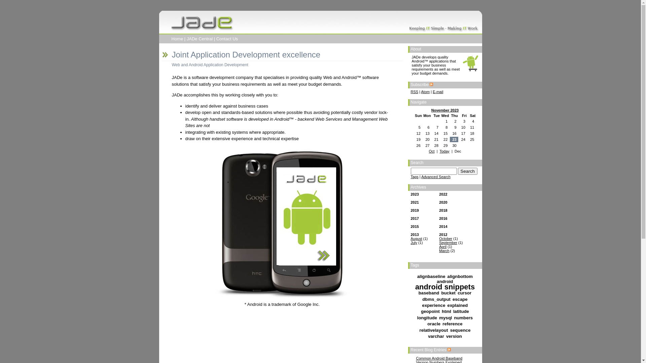 This screenshot has height=363, width=646. What do you see at coordinates (449, 350) in the screenshot?
I see `'RSS feed for Recent Blog Entries'` at bounding box center [449, 350].